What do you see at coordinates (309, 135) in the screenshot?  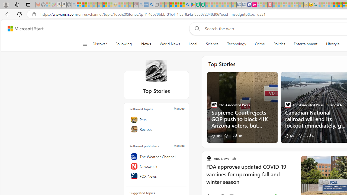 I see `'View comments 6 Comment'` at bounding box center [309, 135].